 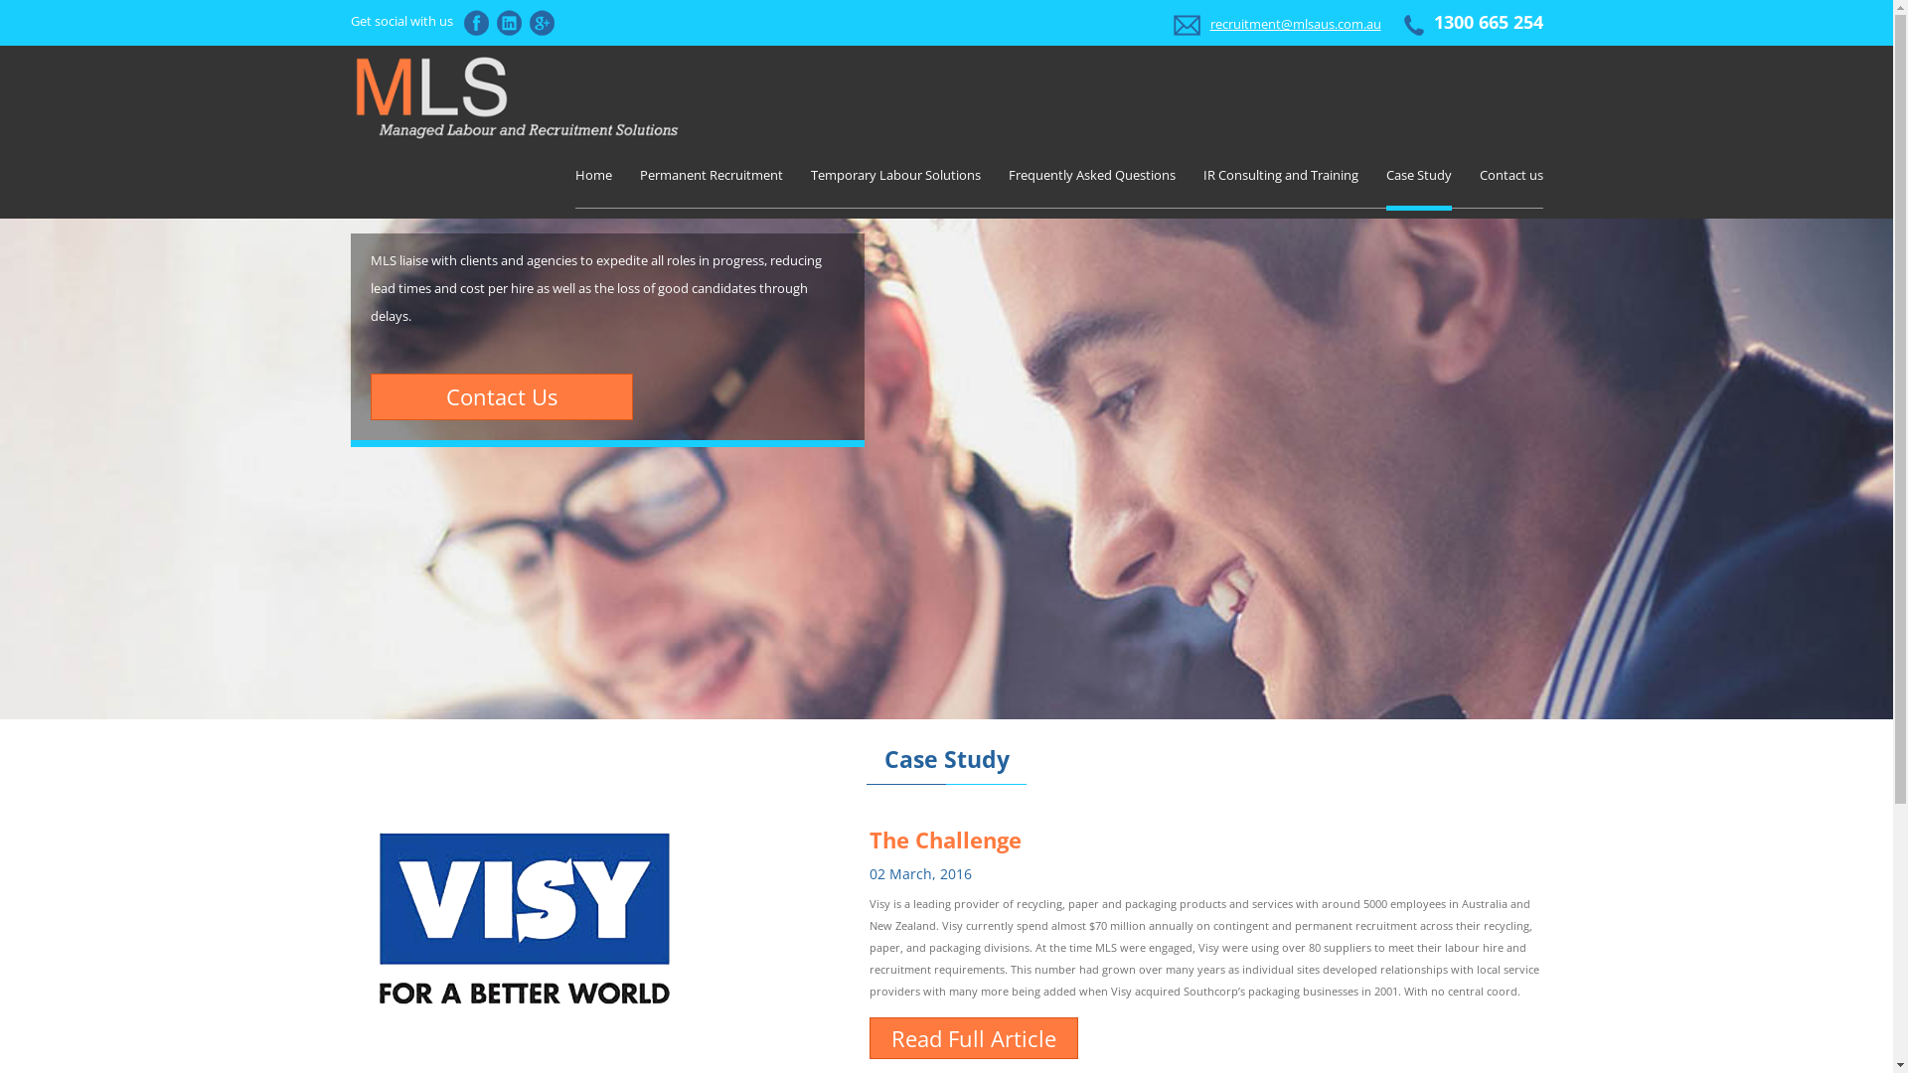 What do you see at coordinates (1090, 174) in the screenshot?
I see `'Frequently Asked Questions'` at bounding box center [1090, 174].